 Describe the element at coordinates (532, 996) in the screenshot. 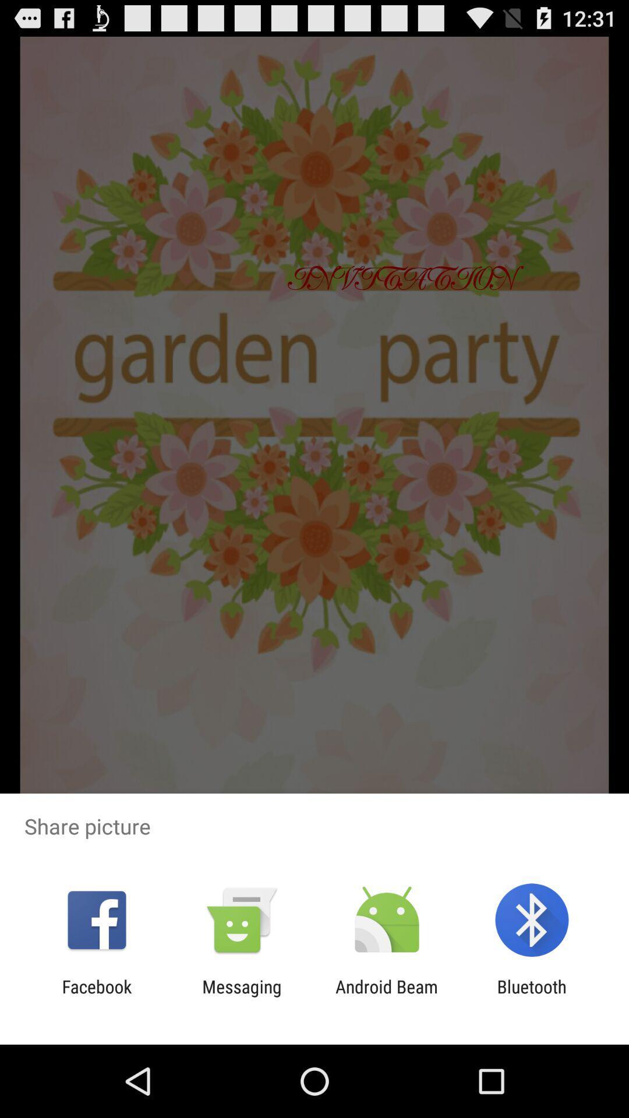

I see `item to the right of the android beam app` at that location.